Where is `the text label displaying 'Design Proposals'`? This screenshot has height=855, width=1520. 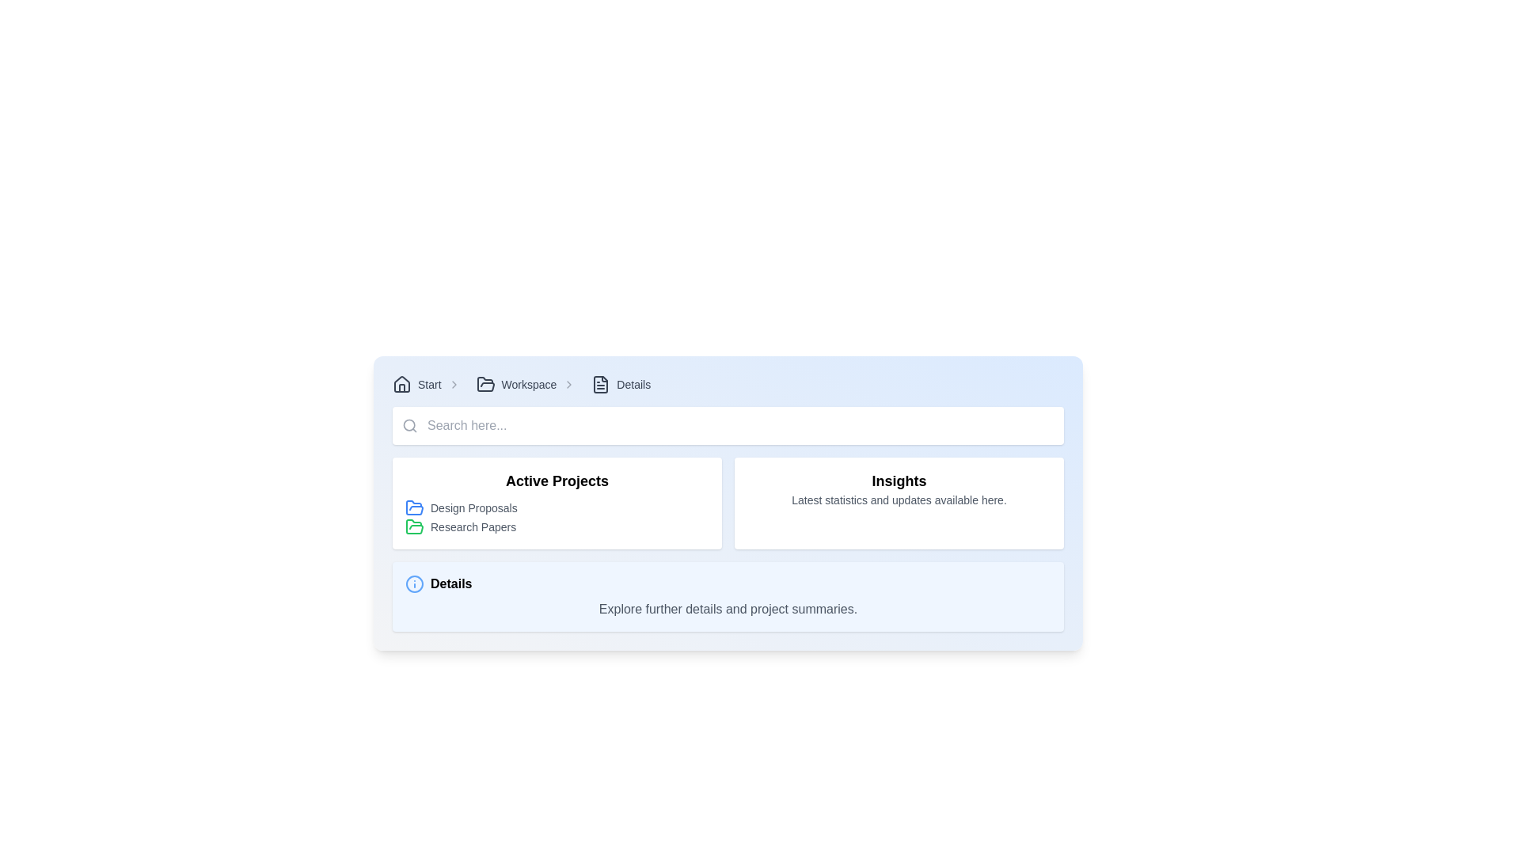
the text label displaying 'Design Proposals' is located at coordinates (473, 507).